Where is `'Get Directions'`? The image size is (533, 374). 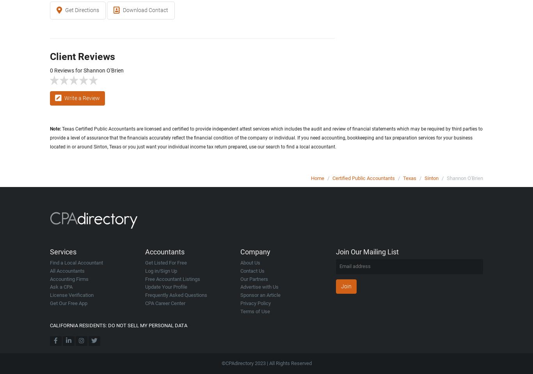 'Get Directions' is located at coordinates (81, 10).